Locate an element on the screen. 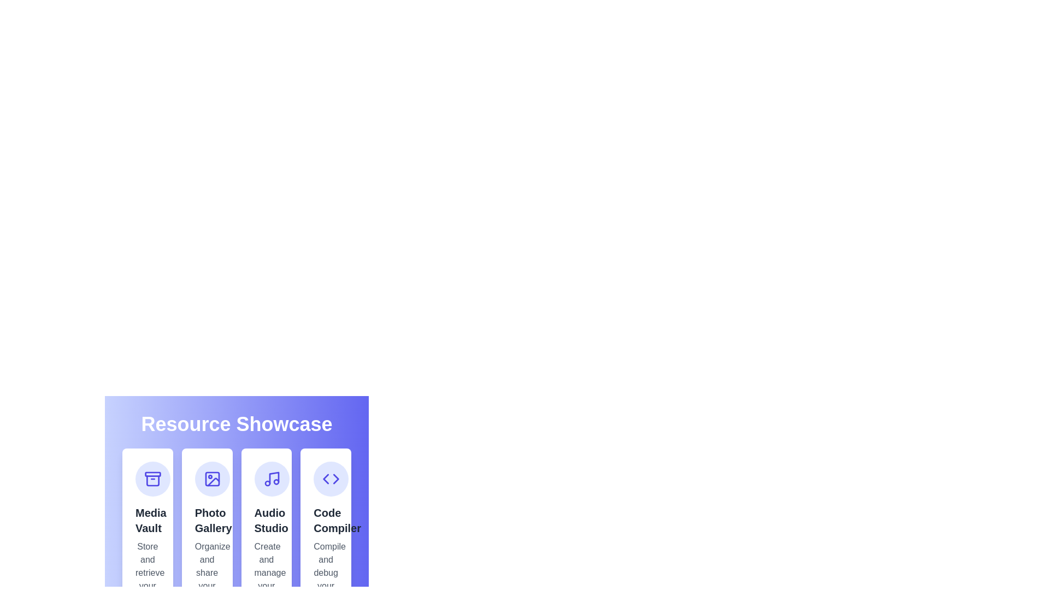 Image resolution: width=1049 pixels, height=590 pixels. the rounded coding icon with a light indigo background located in the 'Code Compiler' column is located at coordinates (331, 478).